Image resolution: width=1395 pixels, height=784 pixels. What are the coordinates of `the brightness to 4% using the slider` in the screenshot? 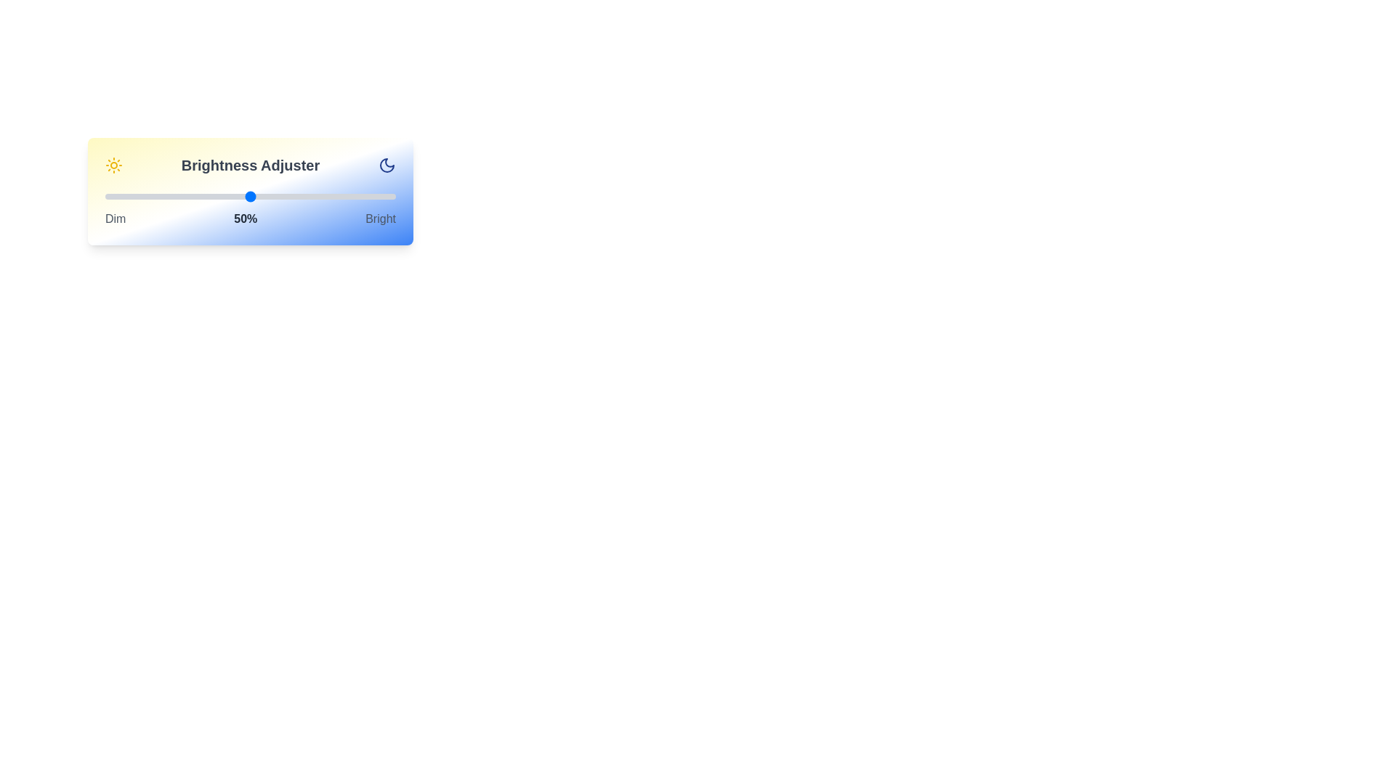 It's located at (117, 196).